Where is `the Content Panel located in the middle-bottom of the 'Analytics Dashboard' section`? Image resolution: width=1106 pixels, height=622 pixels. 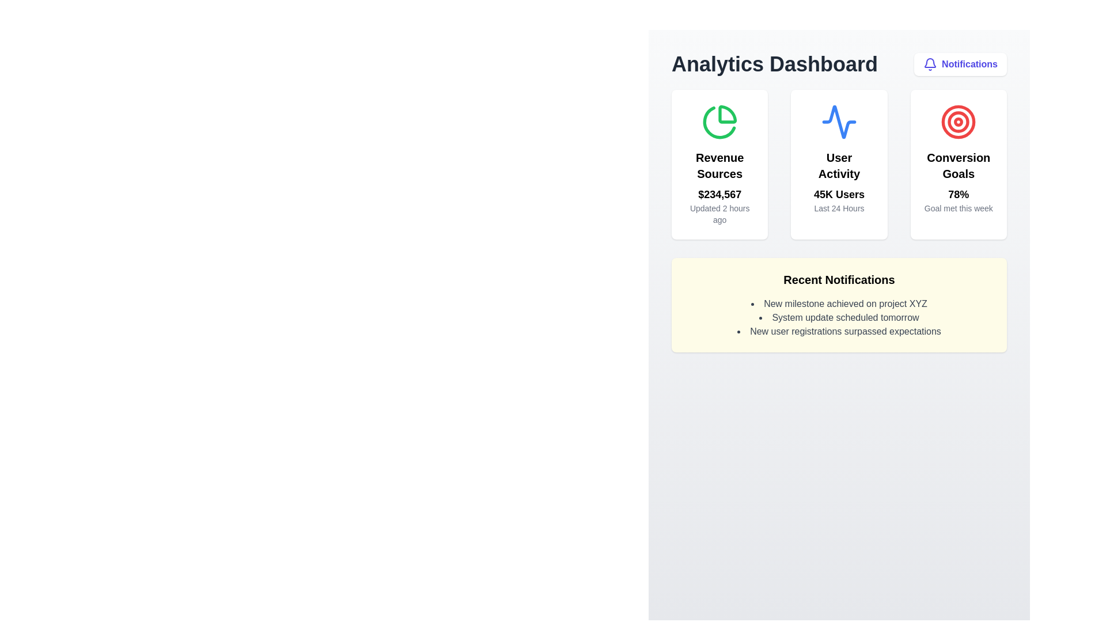 the Content Panel located in the middle-bottom of the 'Analytics Dashboard' section is located at coordinates (839, 304).